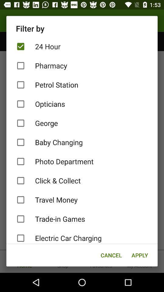 Image resolution: width=164 pixels, height=292 pixels. What do you see at coordinates (82, 66) in the screenshot?
I see `icon below the 24 hour icon` at bounding box center [82, 66].